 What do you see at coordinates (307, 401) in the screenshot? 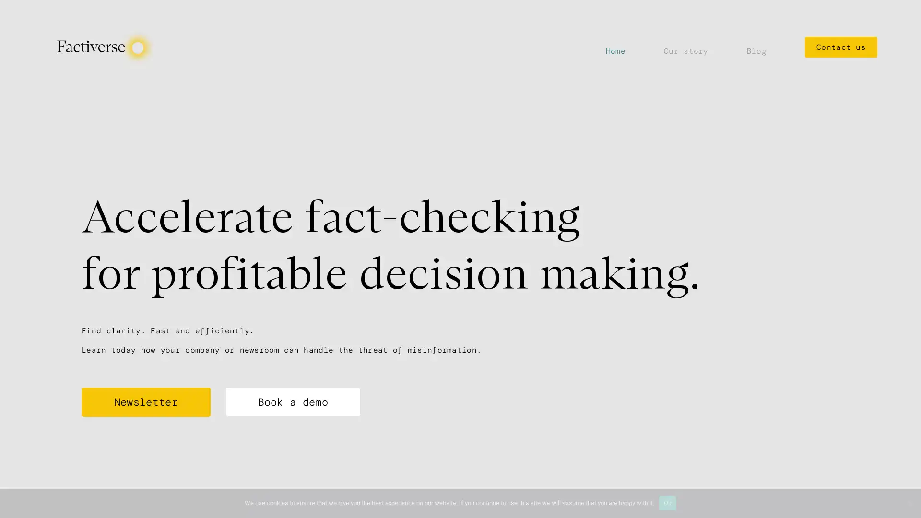
I see `Book a demo` at bounding box center [307, 401].